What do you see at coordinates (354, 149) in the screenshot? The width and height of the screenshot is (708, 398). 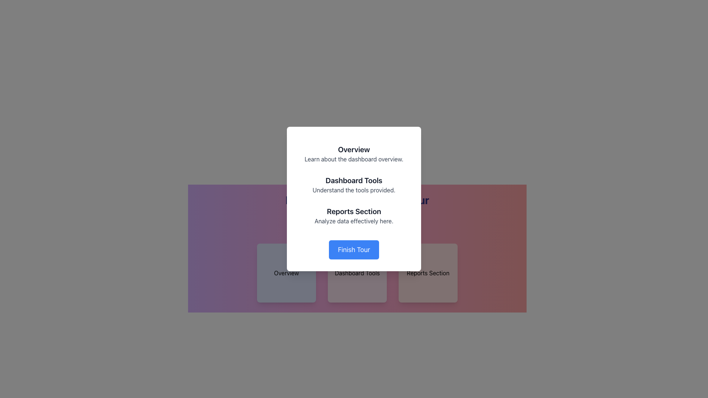 I see `the 'Overview' text label, which is bold and prominently displayed at the top of its section in a white rectangular information box` at bounding box center [354, 149].